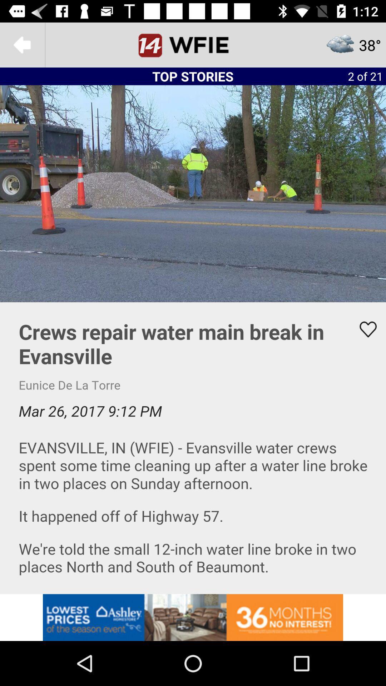 The width and height of the screenshot is (386, 686). I want to click on advertisement for low prices, so click(193, 617).